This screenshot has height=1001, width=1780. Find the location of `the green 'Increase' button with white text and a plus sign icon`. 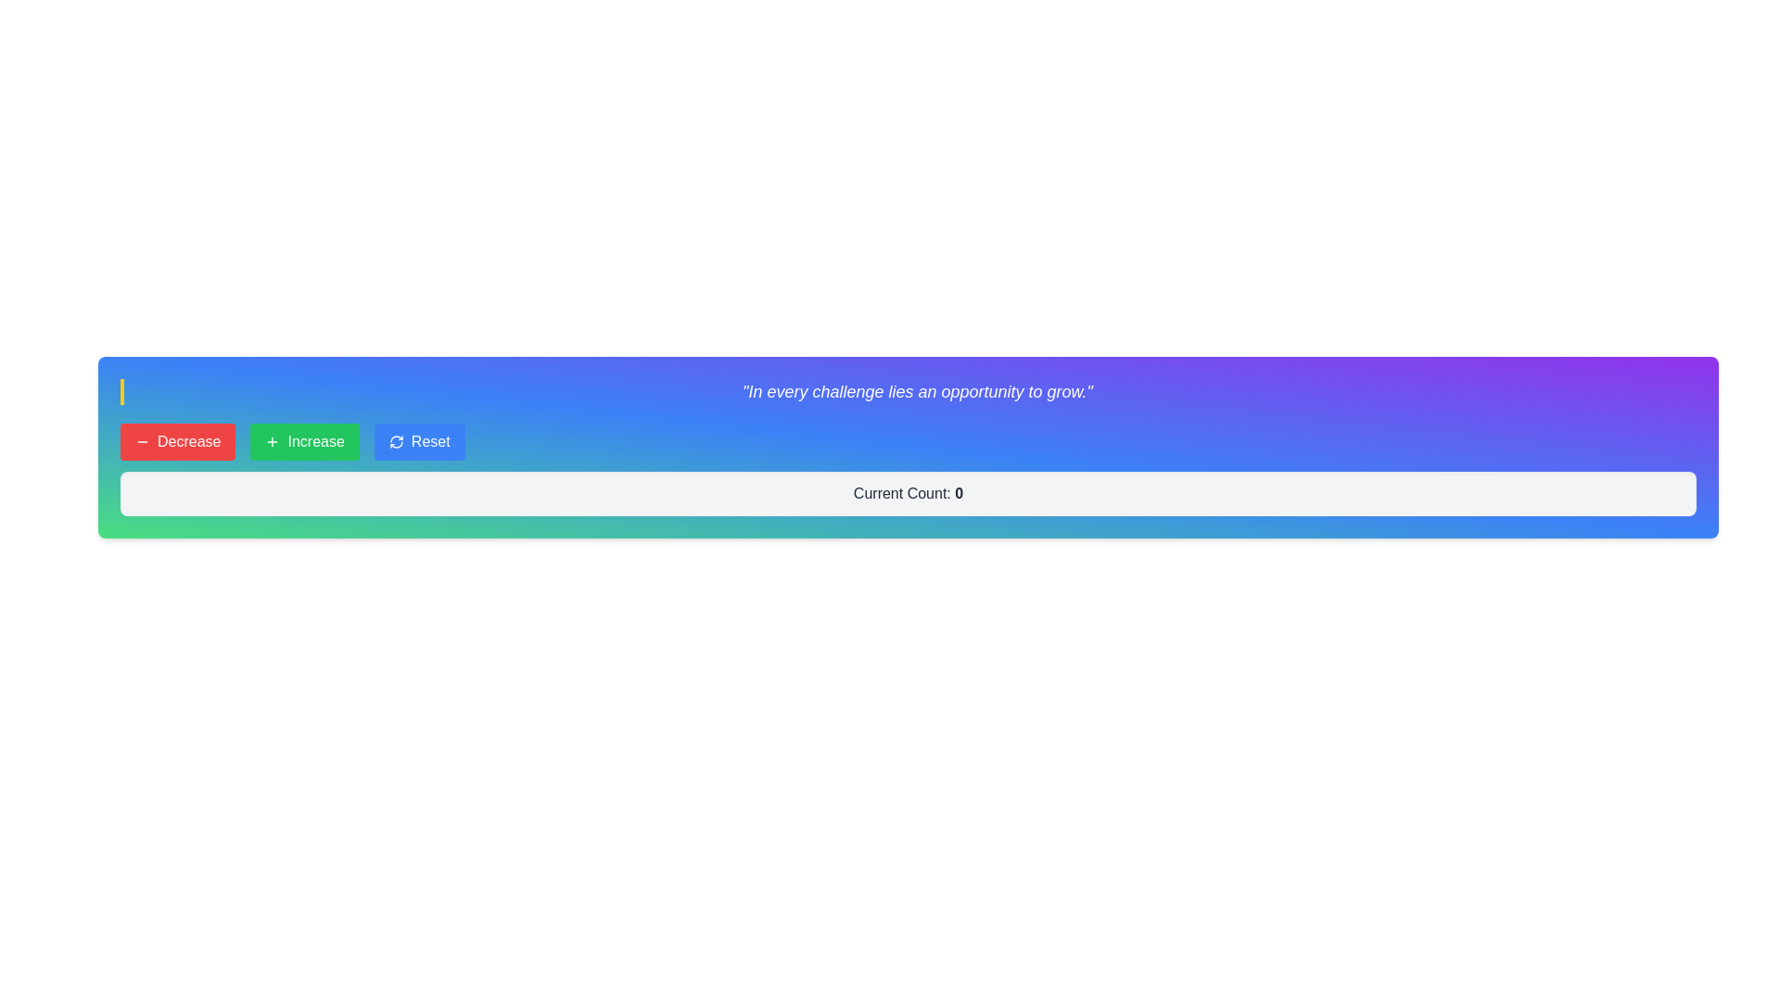

the green 'Increase' button with white text and a plus sign icon is located at coordinates (305, 442).